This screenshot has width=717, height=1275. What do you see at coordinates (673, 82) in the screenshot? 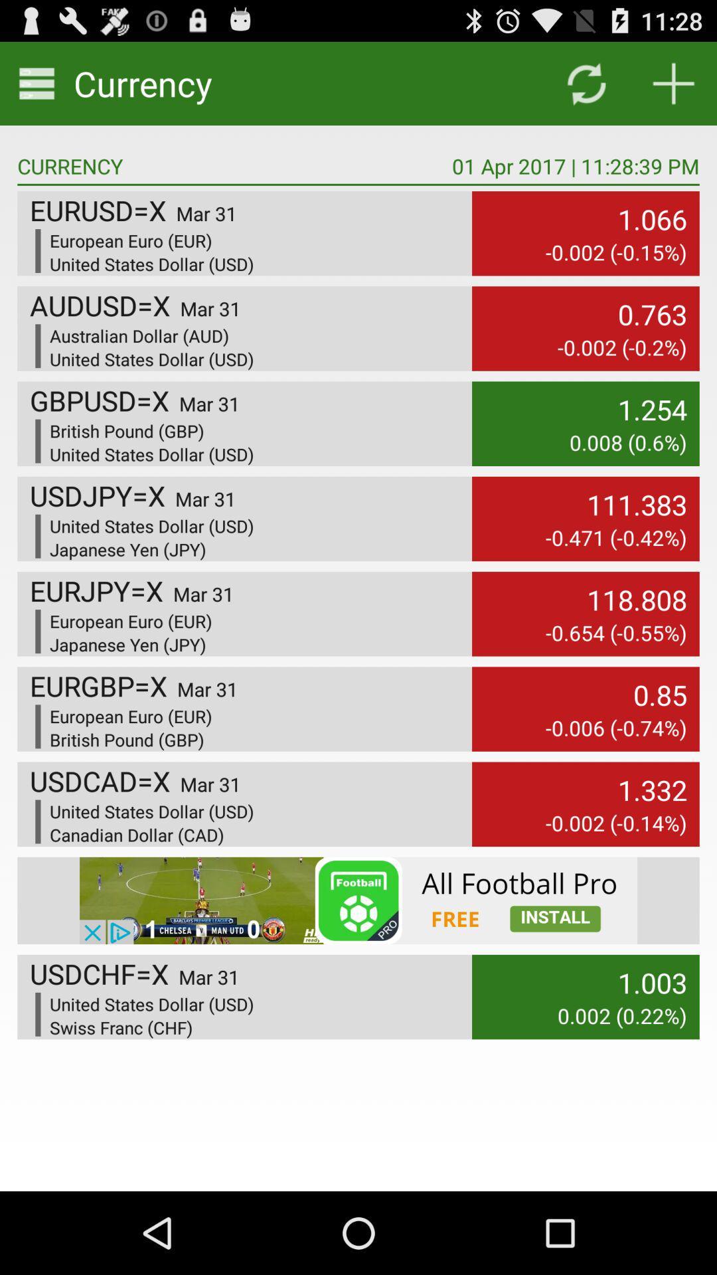
I see `element` at bounding box center [673, 82].